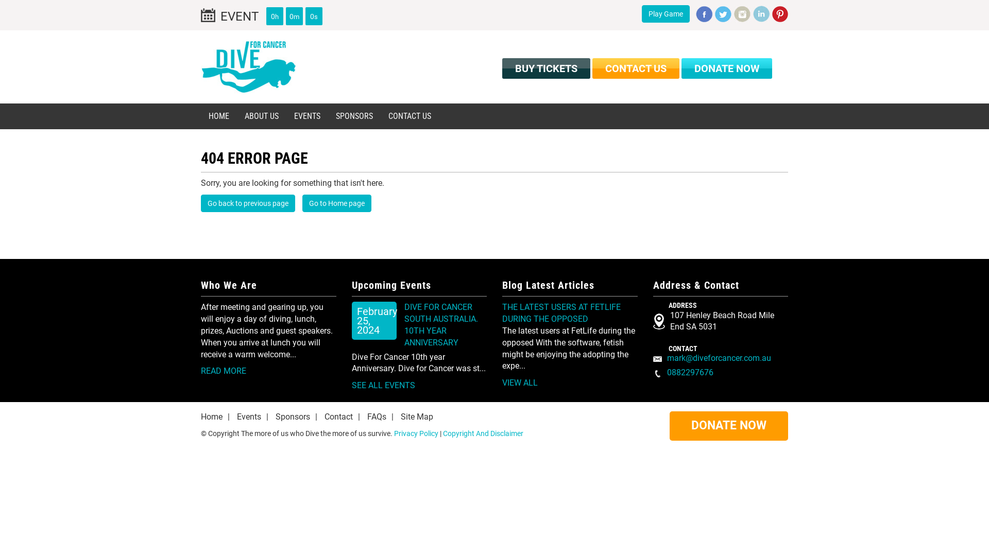 The height and width of the screenshot is (556, 989). I want to click on 'DONATE NOW', so click(726, 68).